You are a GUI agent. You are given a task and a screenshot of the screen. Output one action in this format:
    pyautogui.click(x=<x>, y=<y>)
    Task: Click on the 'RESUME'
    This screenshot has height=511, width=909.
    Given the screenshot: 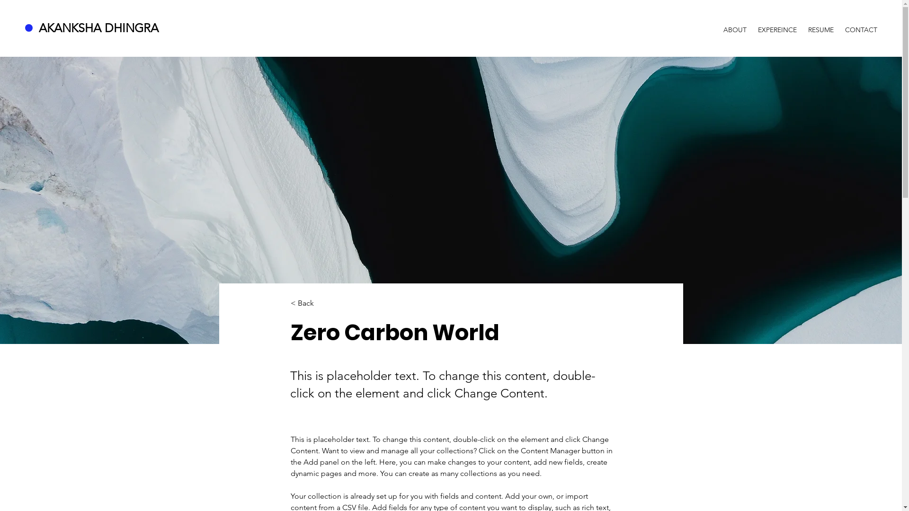 What is the action you would take?
    pyautogui.click(x=820, y=25)
    